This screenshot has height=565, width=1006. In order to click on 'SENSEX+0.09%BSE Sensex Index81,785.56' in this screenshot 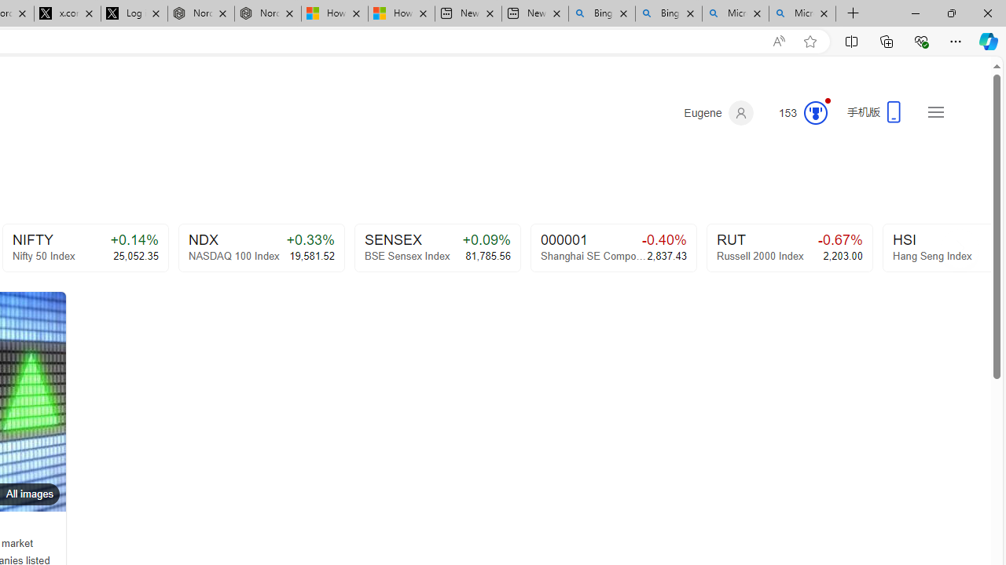, I will do `click(437, 247)`.